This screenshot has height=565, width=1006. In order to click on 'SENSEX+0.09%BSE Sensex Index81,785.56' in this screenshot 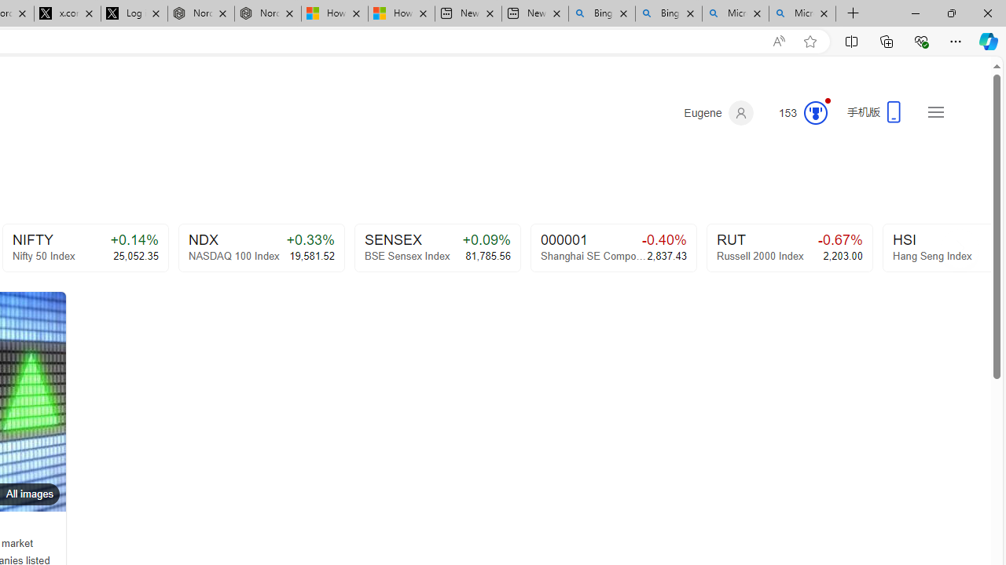, I will do `click(437, 247)`.